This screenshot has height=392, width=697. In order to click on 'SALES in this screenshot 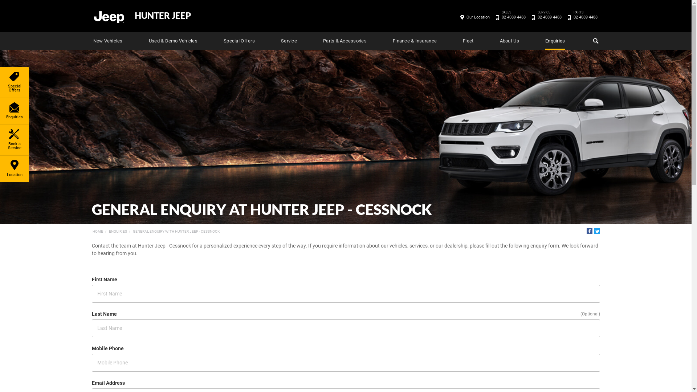, I will do `click(513, 17)`.